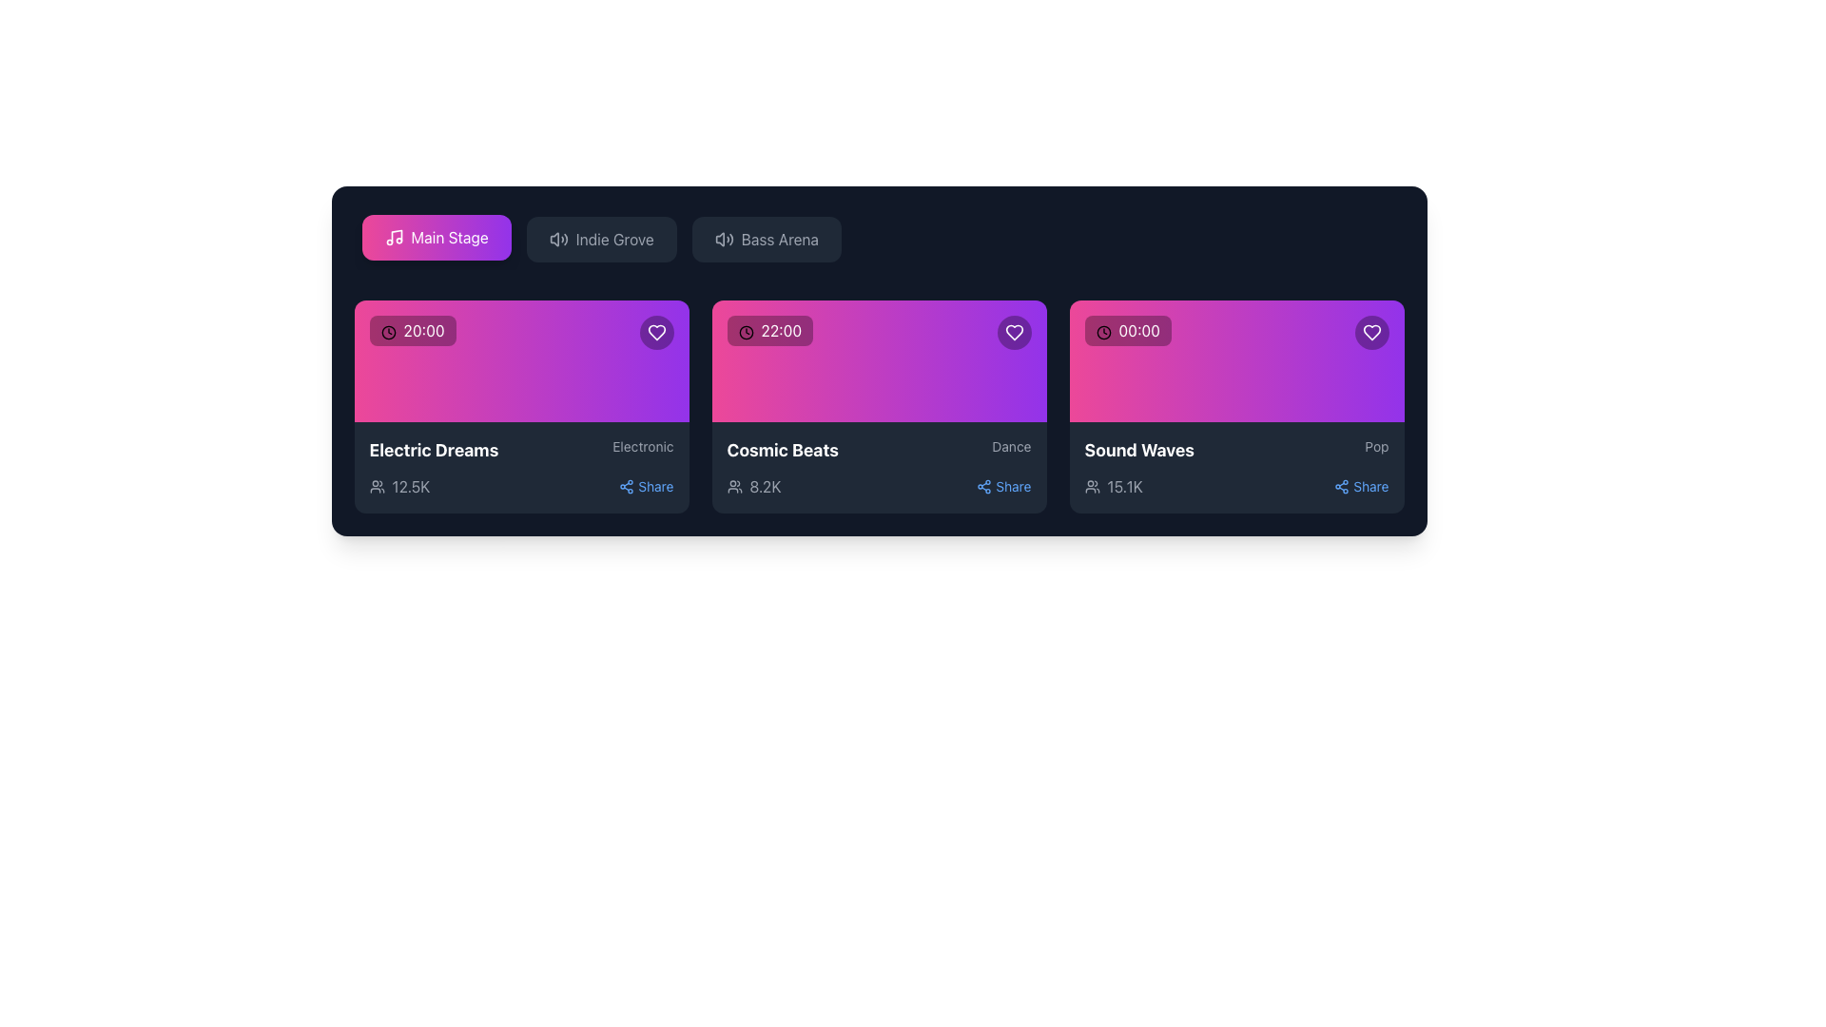 The height and width of the screenshot is (1027, 1826). I want to click on the text element displaying the word 'Share' in blue color, located in the bottom-right corner of the 'Cosmic Beats' card, adjacent to the sharing icon, so click(1012, 486).